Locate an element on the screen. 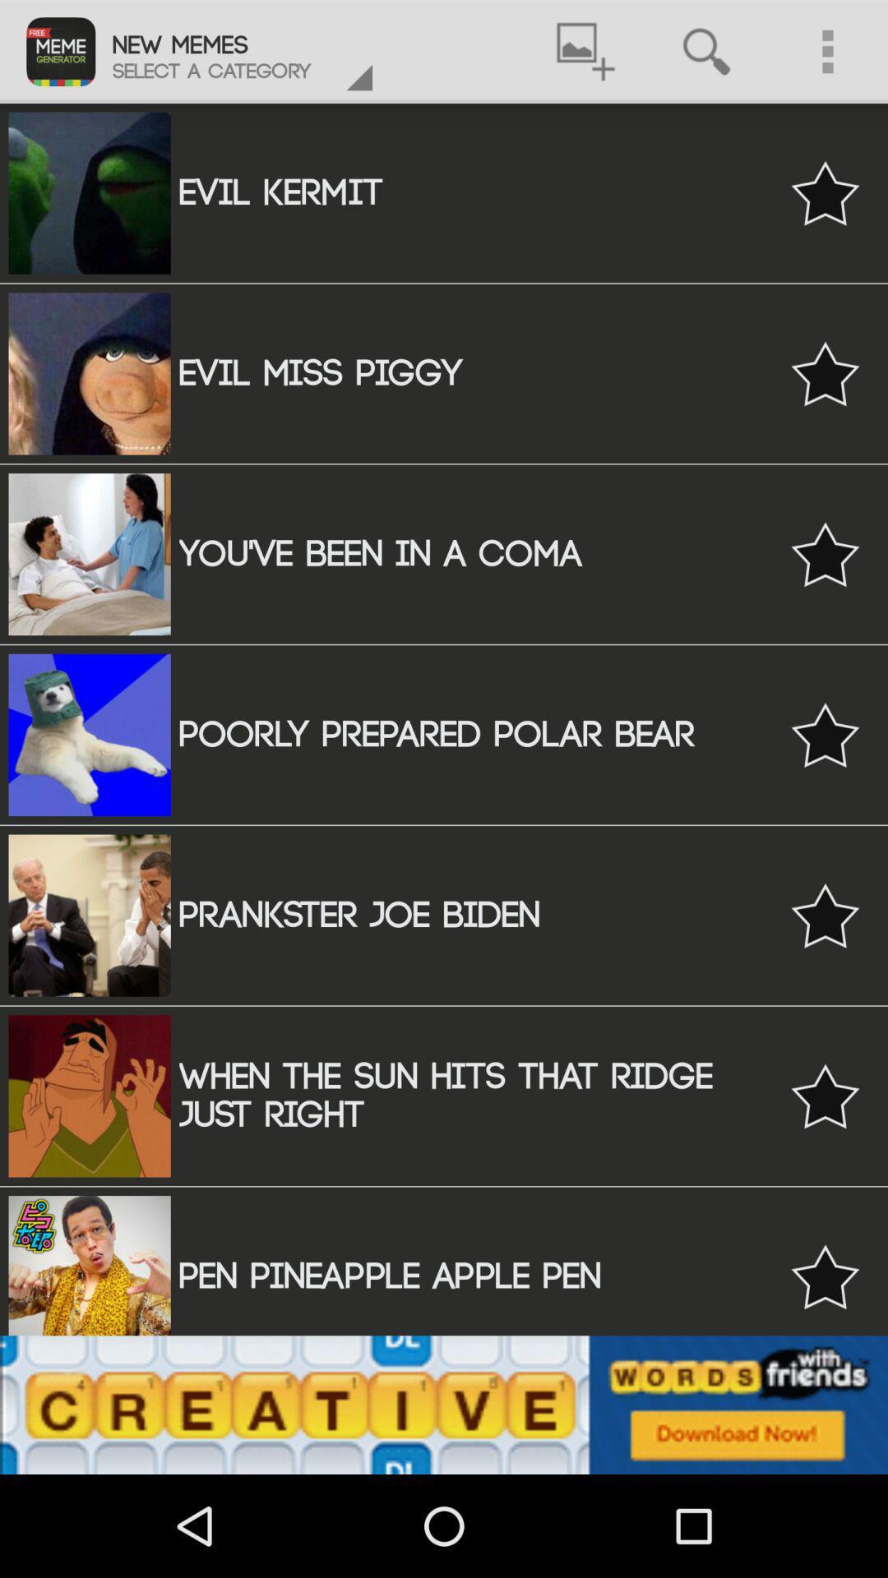 This screenshot has height=1578, width=888. star button is located at coordinates (825, 1096).